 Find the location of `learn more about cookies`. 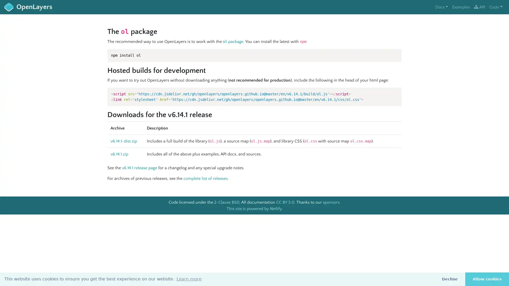

learn more about cookies is located at coordinates (189, 279).